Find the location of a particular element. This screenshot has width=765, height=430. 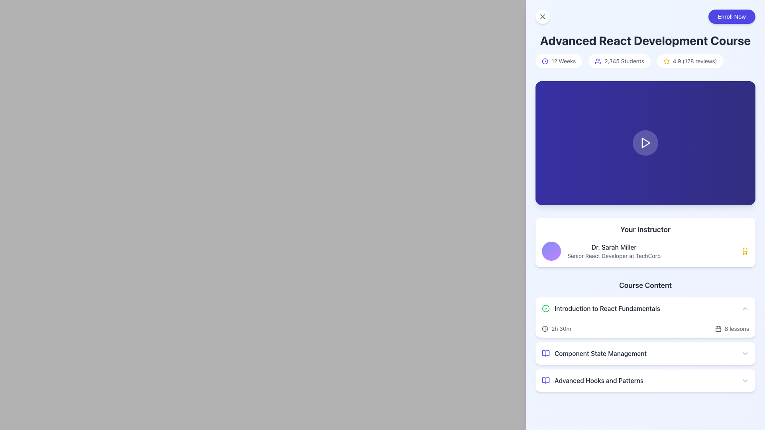

the outer circular ring of the clock icon, which is part of the SVG structure located at the top of the UI near the title 'Advanced React Development Course.' is located at coordinates (545, 61).